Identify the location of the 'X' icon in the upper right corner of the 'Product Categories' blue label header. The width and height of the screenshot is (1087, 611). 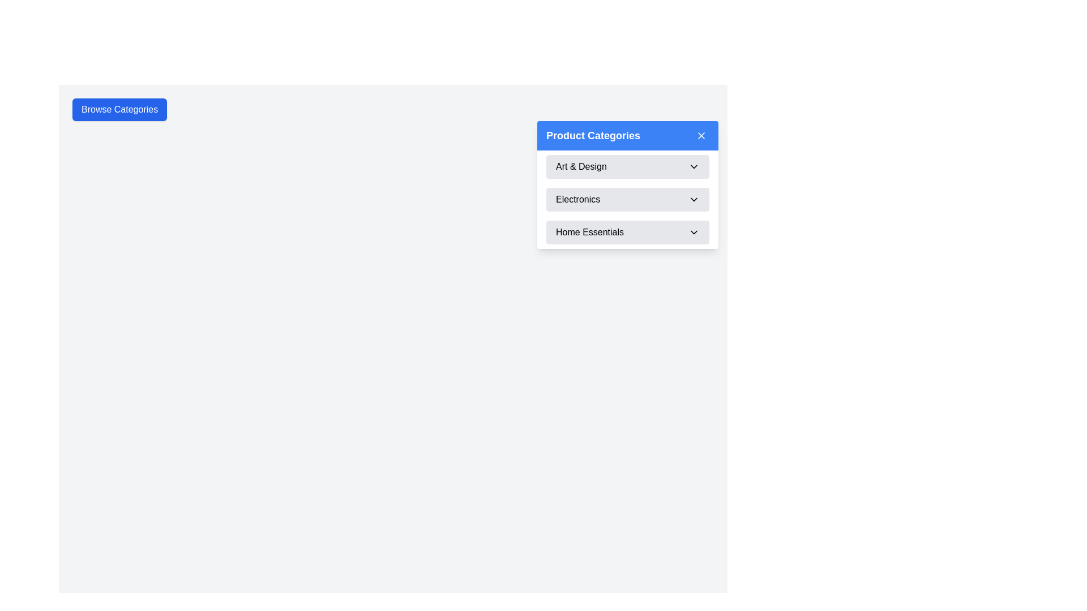
(700, 135).